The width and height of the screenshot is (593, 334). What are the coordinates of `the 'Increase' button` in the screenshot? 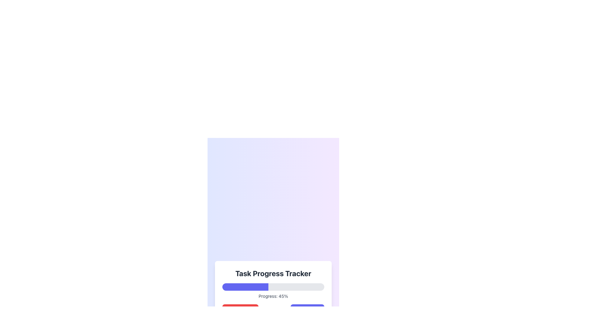 It's located at (307, 310).